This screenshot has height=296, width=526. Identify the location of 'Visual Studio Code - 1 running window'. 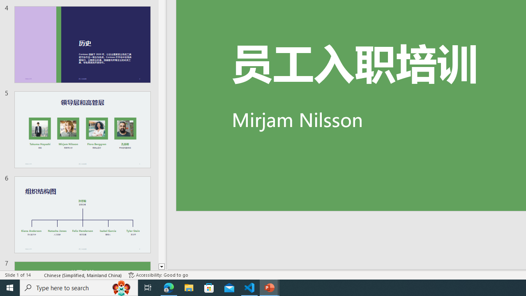
(249, 287).